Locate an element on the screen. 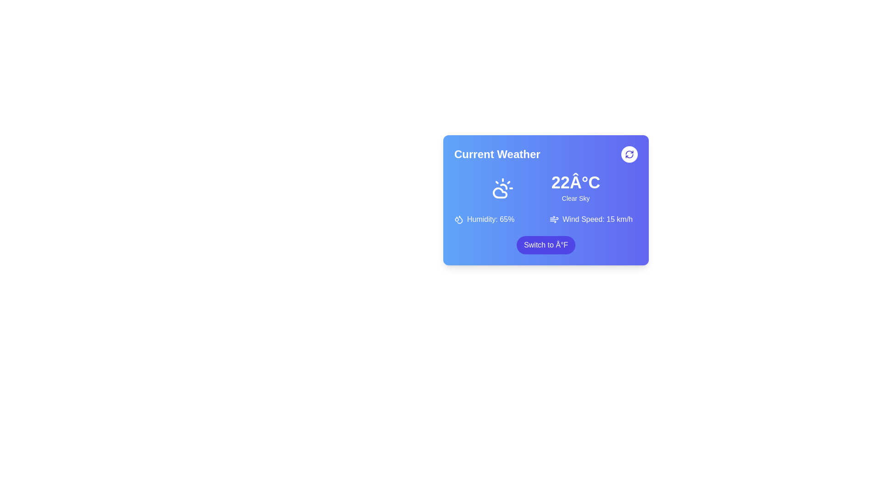  the wind speed icon, which represents wind speed and is located next to the text 'Wind Speed: 15 km/h.' is located at coordinates (554, 219).